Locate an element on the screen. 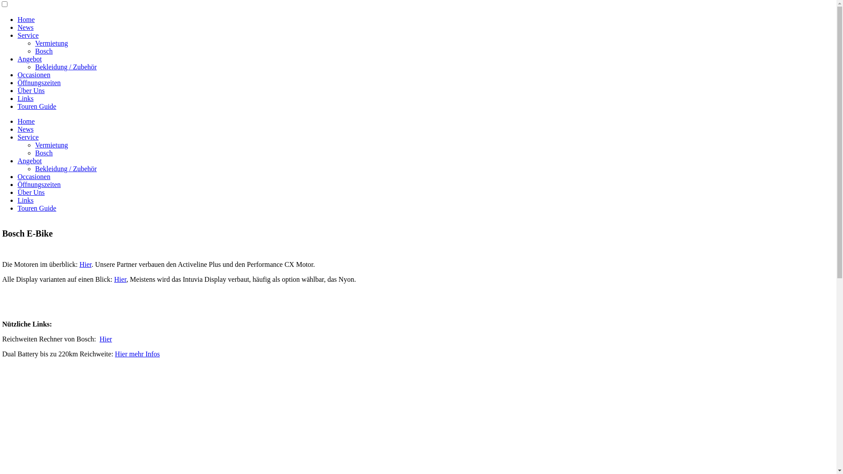 Image resolution: width=843 pixels, height=474 pixels. 'Vermietung' is located at coordinates (51, 144).